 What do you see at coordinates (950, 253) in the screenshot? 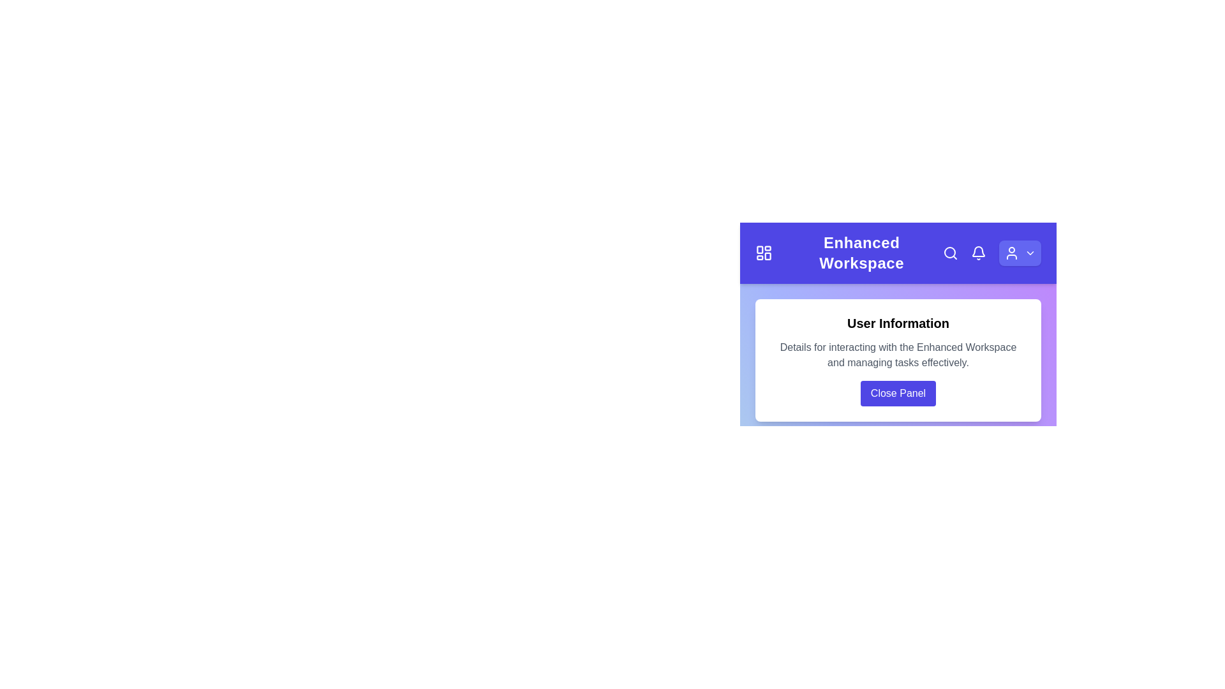
I see `the Search button in the header` at bounding box center [950, 253].